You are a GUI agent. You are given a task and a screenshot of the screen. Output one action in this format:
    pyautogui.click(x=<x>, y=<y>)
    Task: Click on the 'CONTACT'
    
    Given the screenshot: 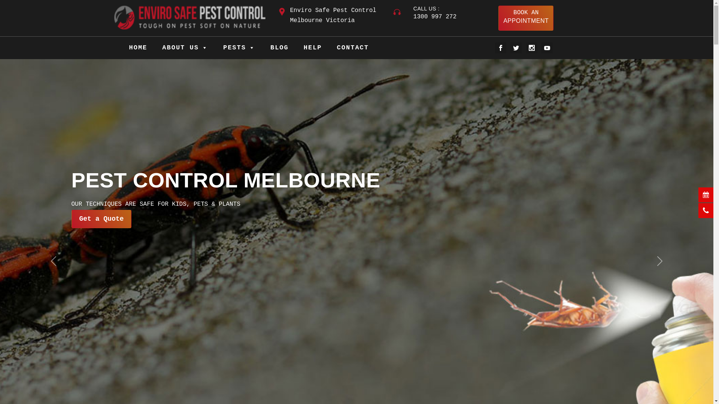 What is the action you would take?
    pyautogui.click(x=352, y=48)
    